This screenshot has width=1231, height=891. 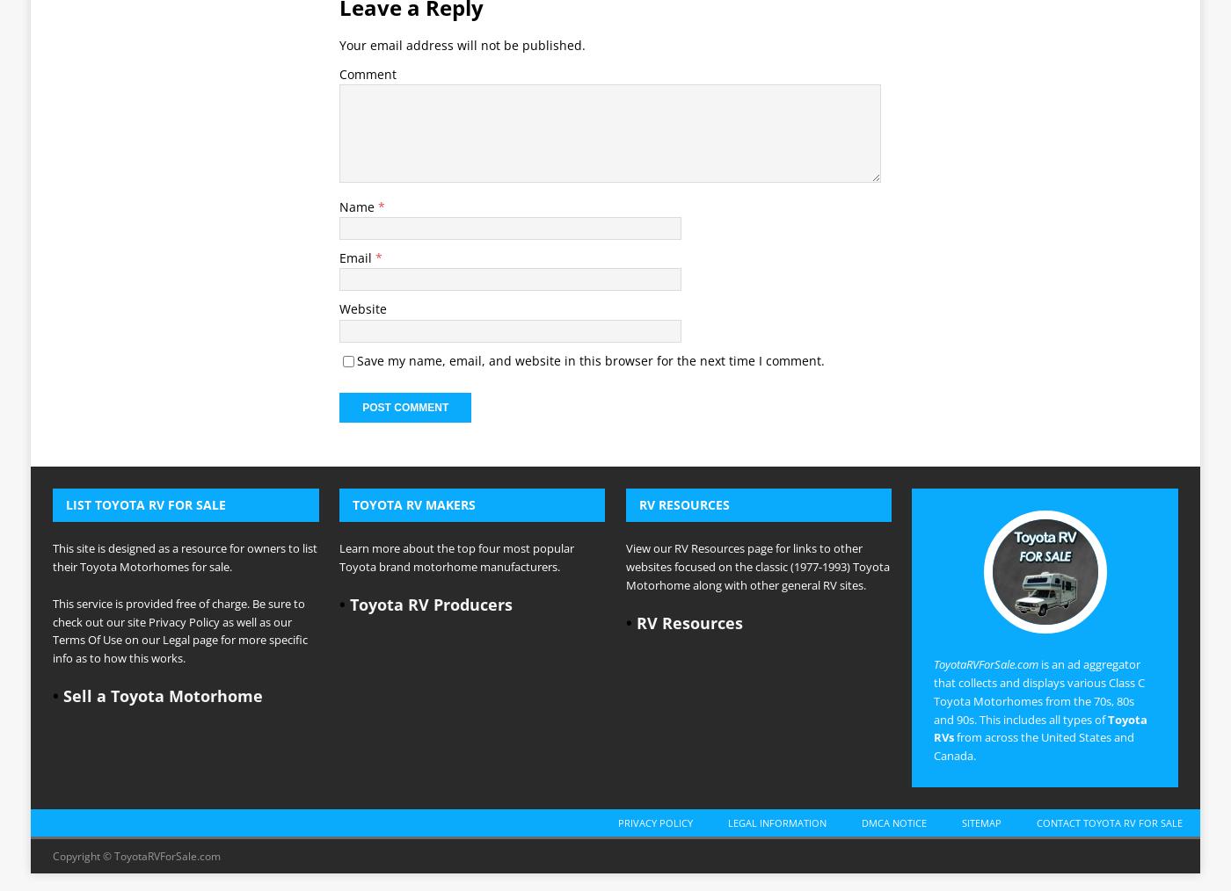 I want to click on 'Save my name, email, and website in this browser for the next time I comment.', so click(x=591, y=113).